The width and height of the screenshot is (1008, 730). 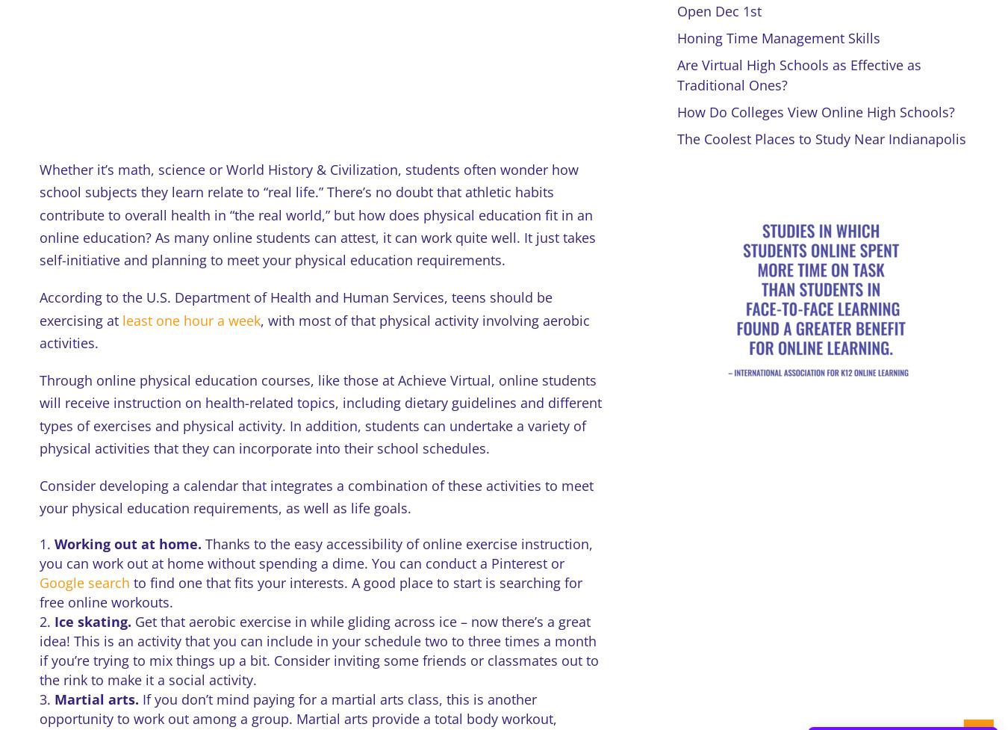 What do you see at coordinates (315, 496) in the screenshot?
I see `'Consider developing a calendar that integrates a combination of these activities to meet your physical education requirements, as well as life goals.'` at bounding box center [315, 496].